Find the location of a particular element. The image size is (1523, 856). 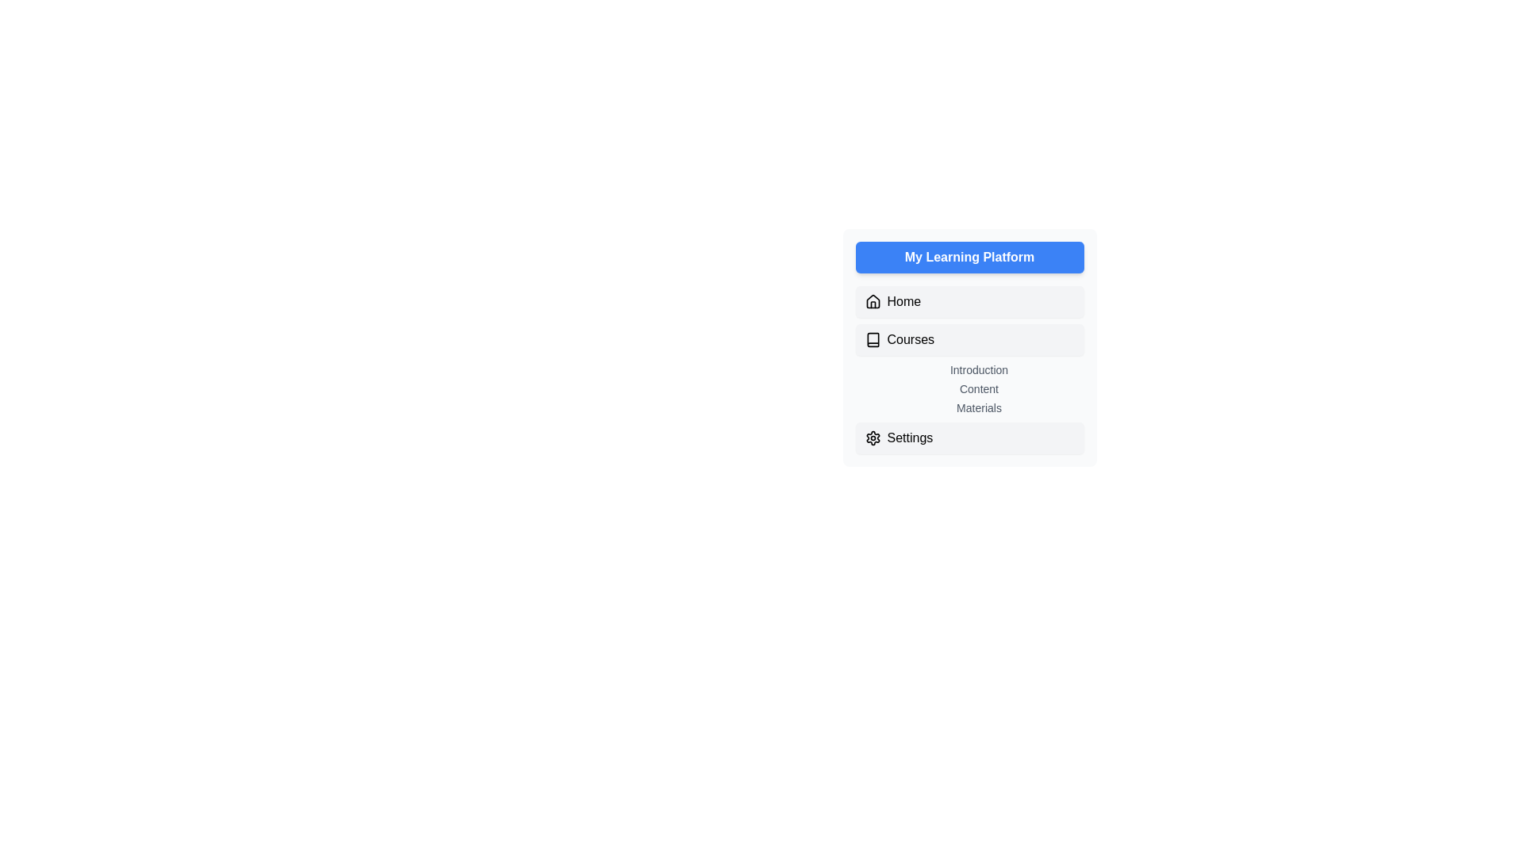

the hyperlink text labeled 'Content' is located at coordinates (978, 388).